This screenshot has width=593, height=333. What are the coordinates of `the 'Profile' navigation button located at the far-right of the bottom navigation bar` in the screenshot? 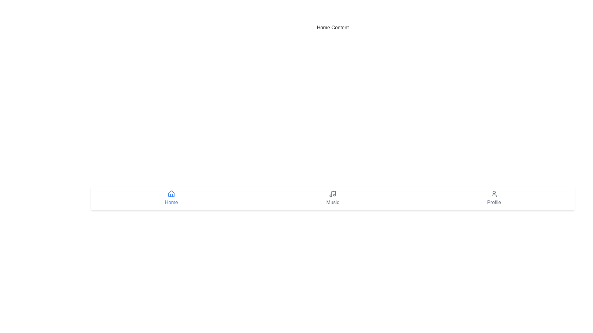 It's located at (494, 198).